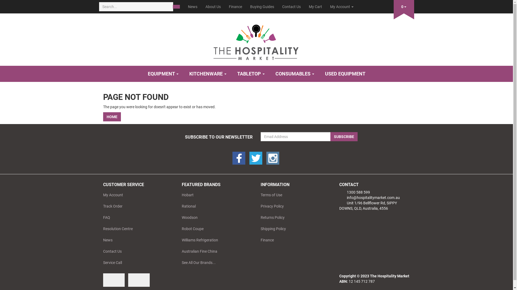 This screenshot has width=517, height=290. What do you see at coordinates (215, 240) in the screenshot?
I see `'Williams Refrigeration'` at bounding box center [215, 240].